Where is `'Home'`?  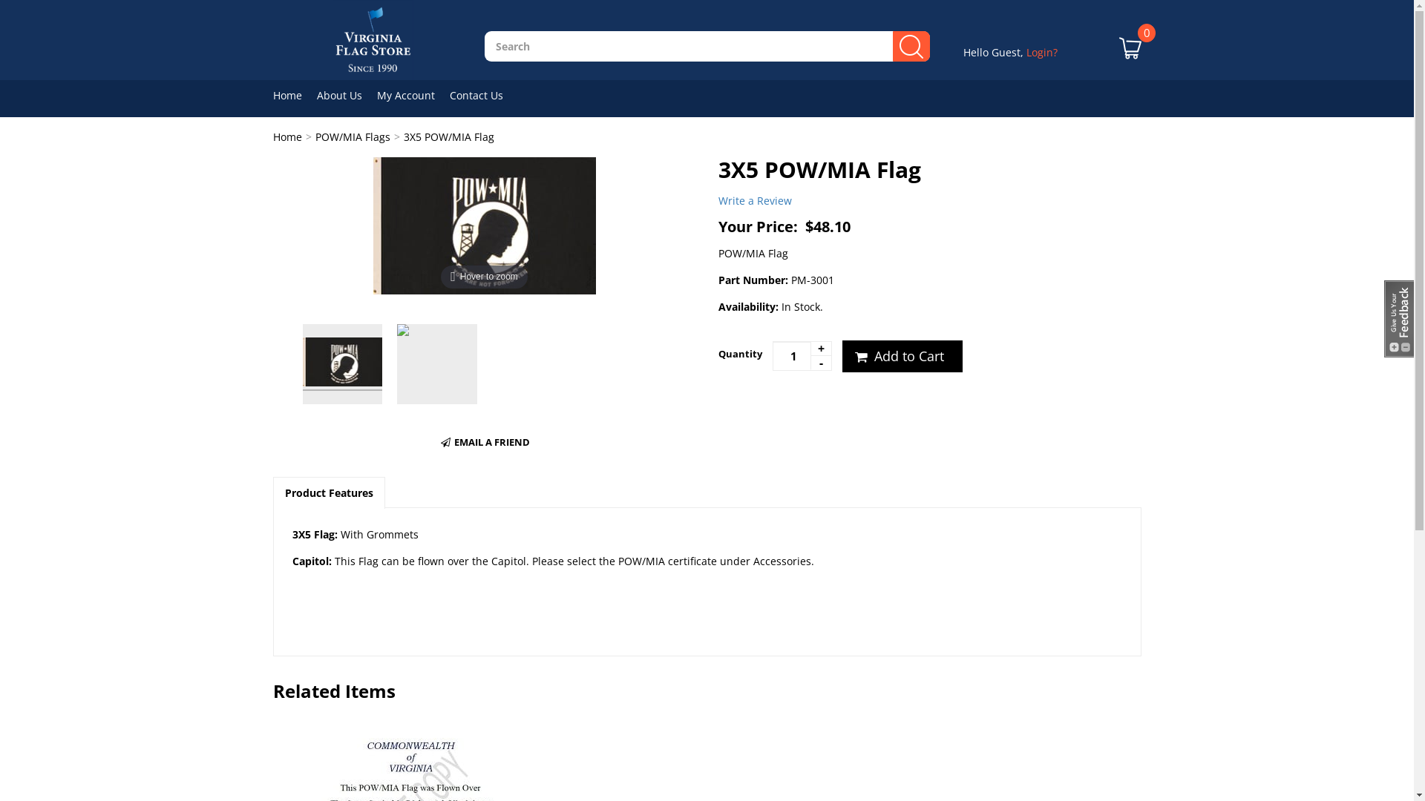
'Home' is located at coordinates (273, 136).